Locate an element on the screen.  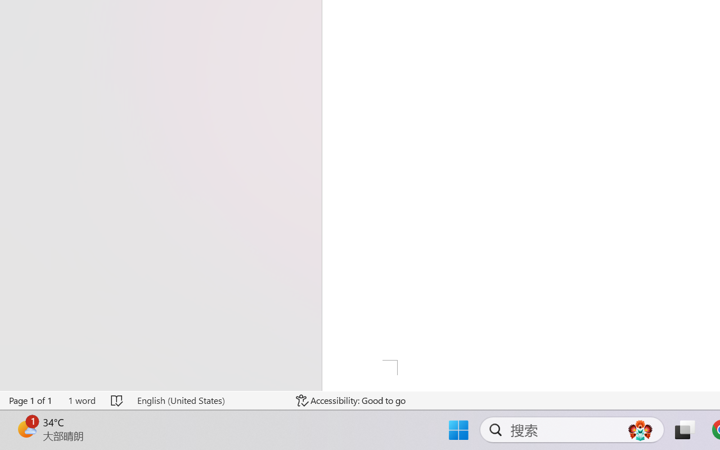
'AutomationID: DynamicSearchBoxGleamImage' is located at coordinates (640, 430).